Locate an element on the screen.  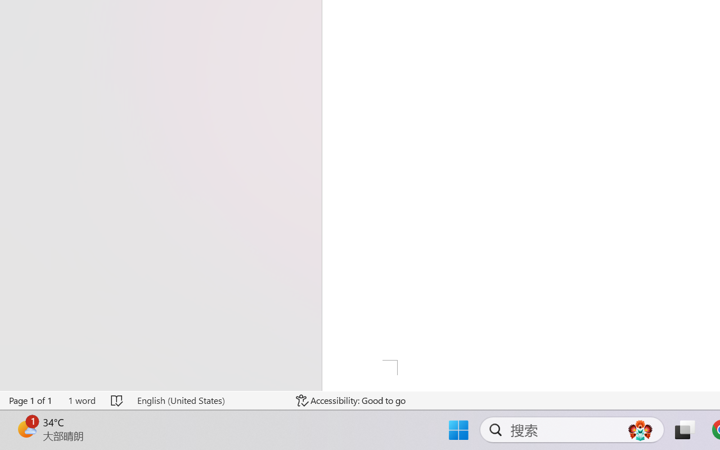
'AutomationID: DynamicSearchBoxGleamImage' is located at coordinates (640, 430).